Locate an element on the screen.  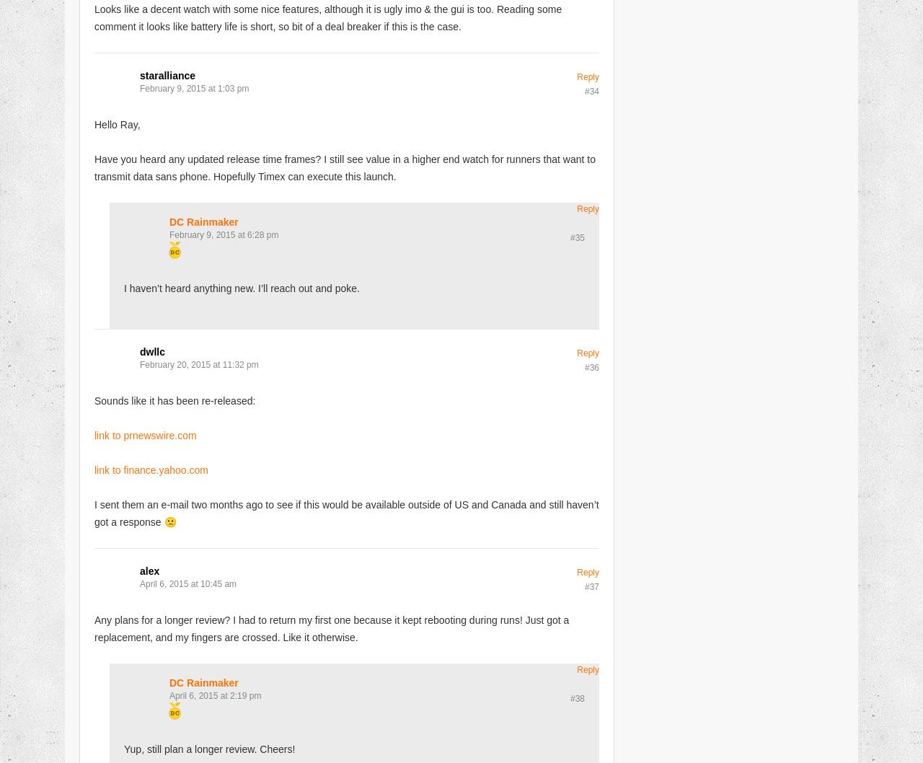
'April 6, 2015 at 10:45 am' is located at coordinates (140, 583).